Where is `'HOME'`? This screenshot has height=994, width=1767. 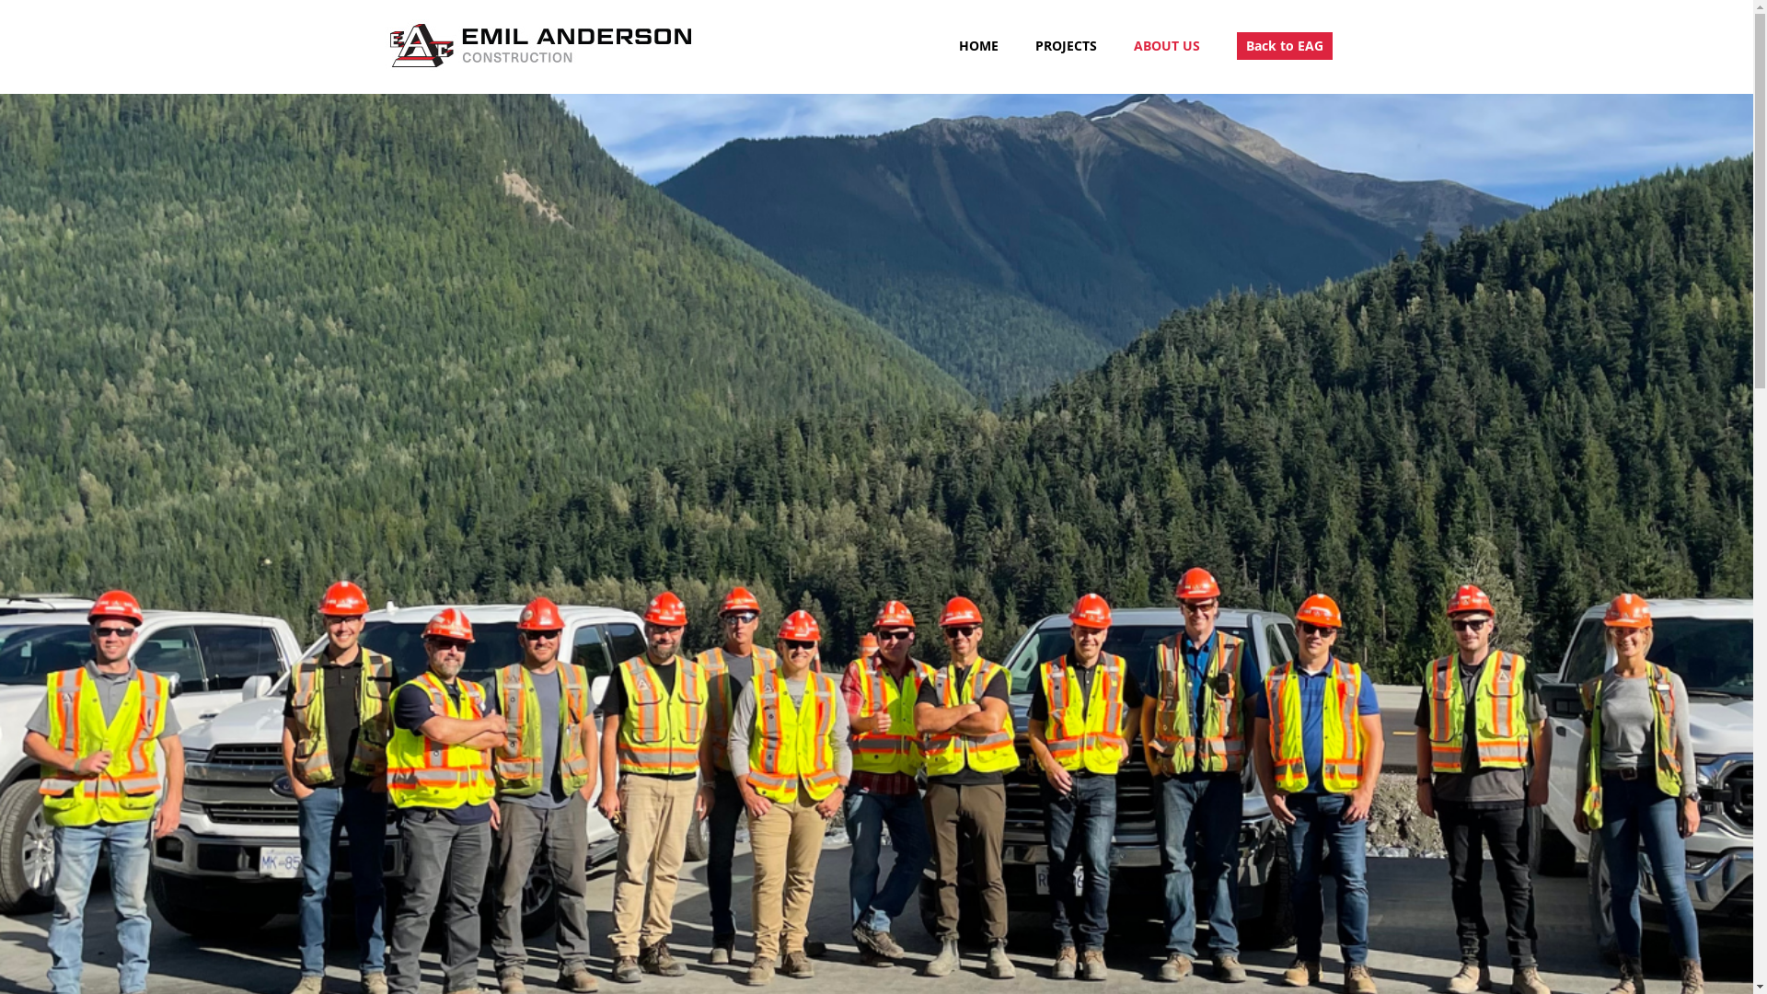 'HOME' is located at coordinates (957, 45).